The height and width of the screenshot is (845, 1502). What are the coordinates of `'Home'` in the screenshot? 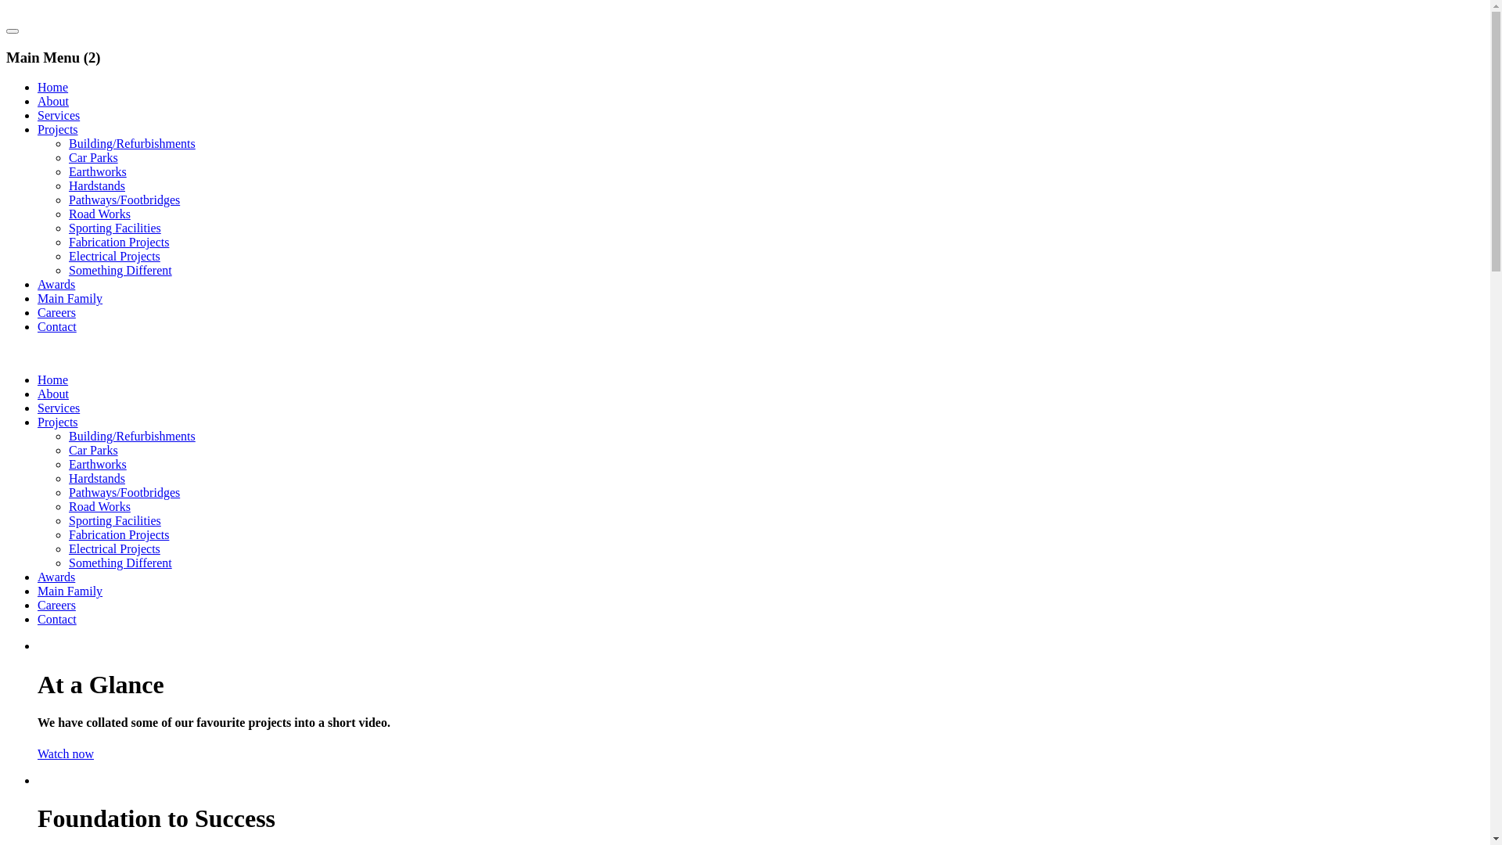 It's located at (52, 379).